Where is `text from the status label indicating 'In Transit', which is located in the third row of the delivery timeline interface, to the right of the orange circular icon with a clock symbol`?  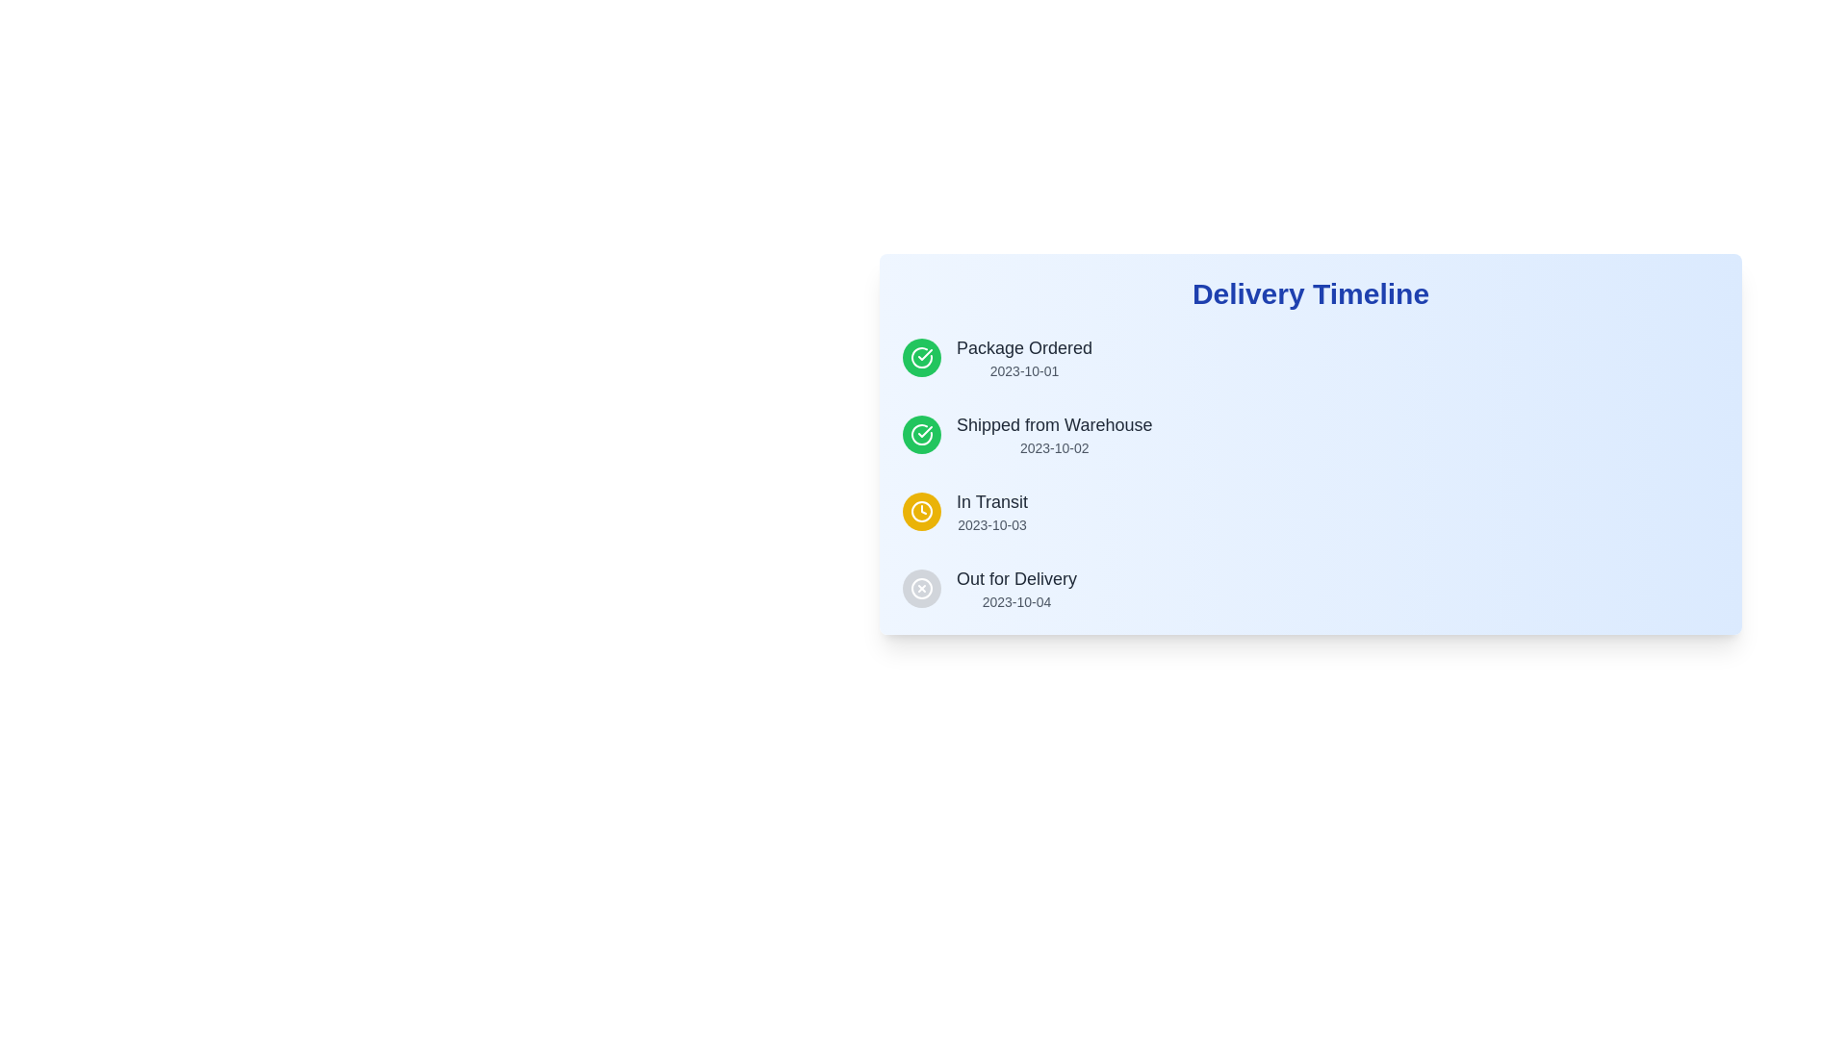 text from the status label indicating 'In Transit', which is located in the third row of the delivery timeline interface, to the right of the orange circular icon with a clock symbol is located at coordinates (992, 500).